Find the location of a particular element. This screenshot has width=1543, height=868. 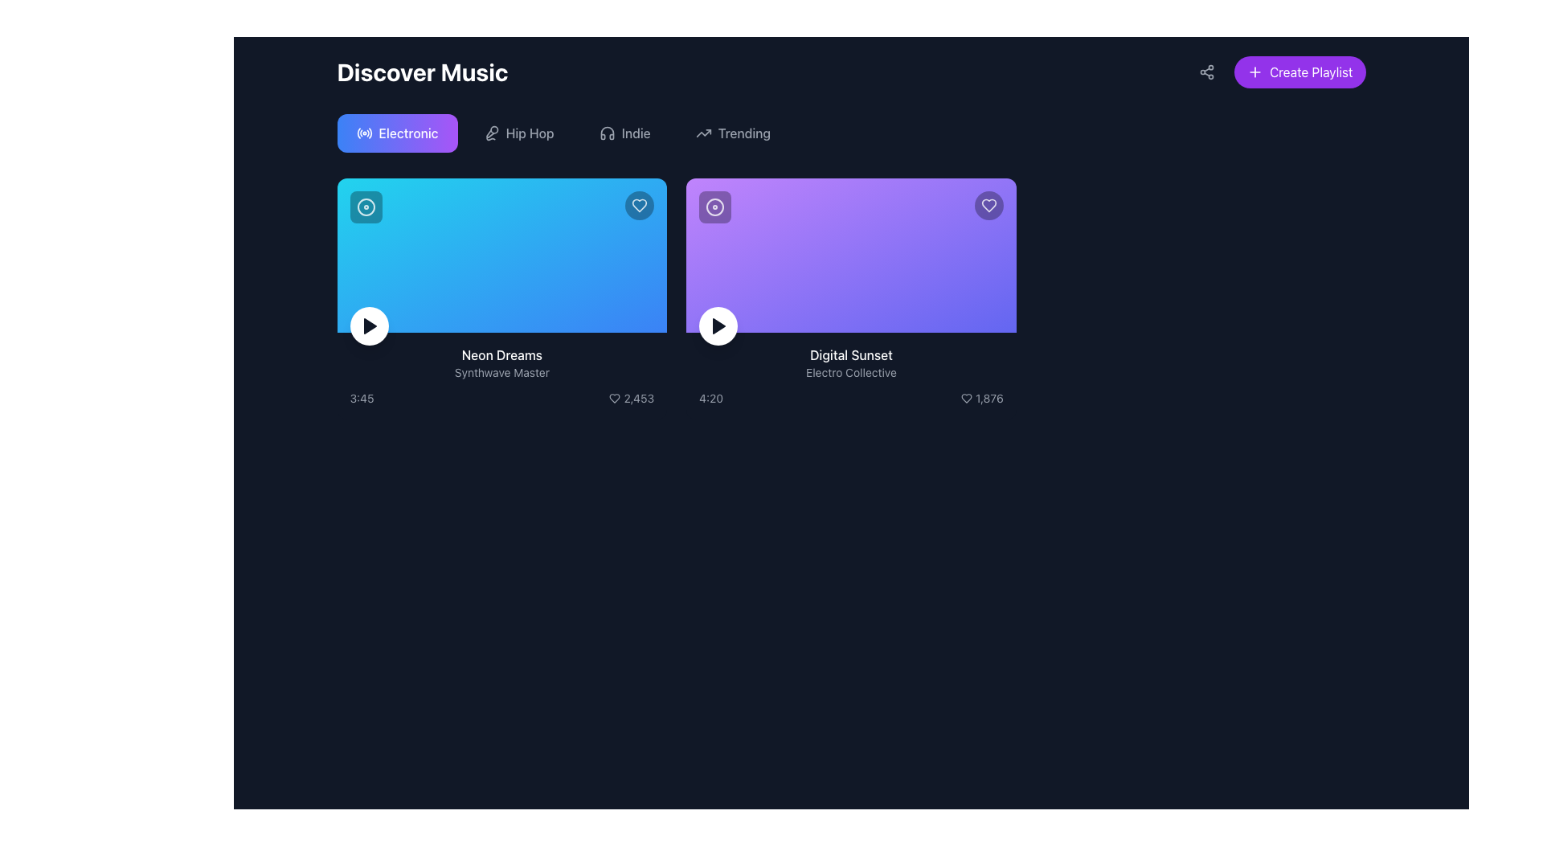

the 'Neon Dreams' text element is located at coordinates (501, 354).